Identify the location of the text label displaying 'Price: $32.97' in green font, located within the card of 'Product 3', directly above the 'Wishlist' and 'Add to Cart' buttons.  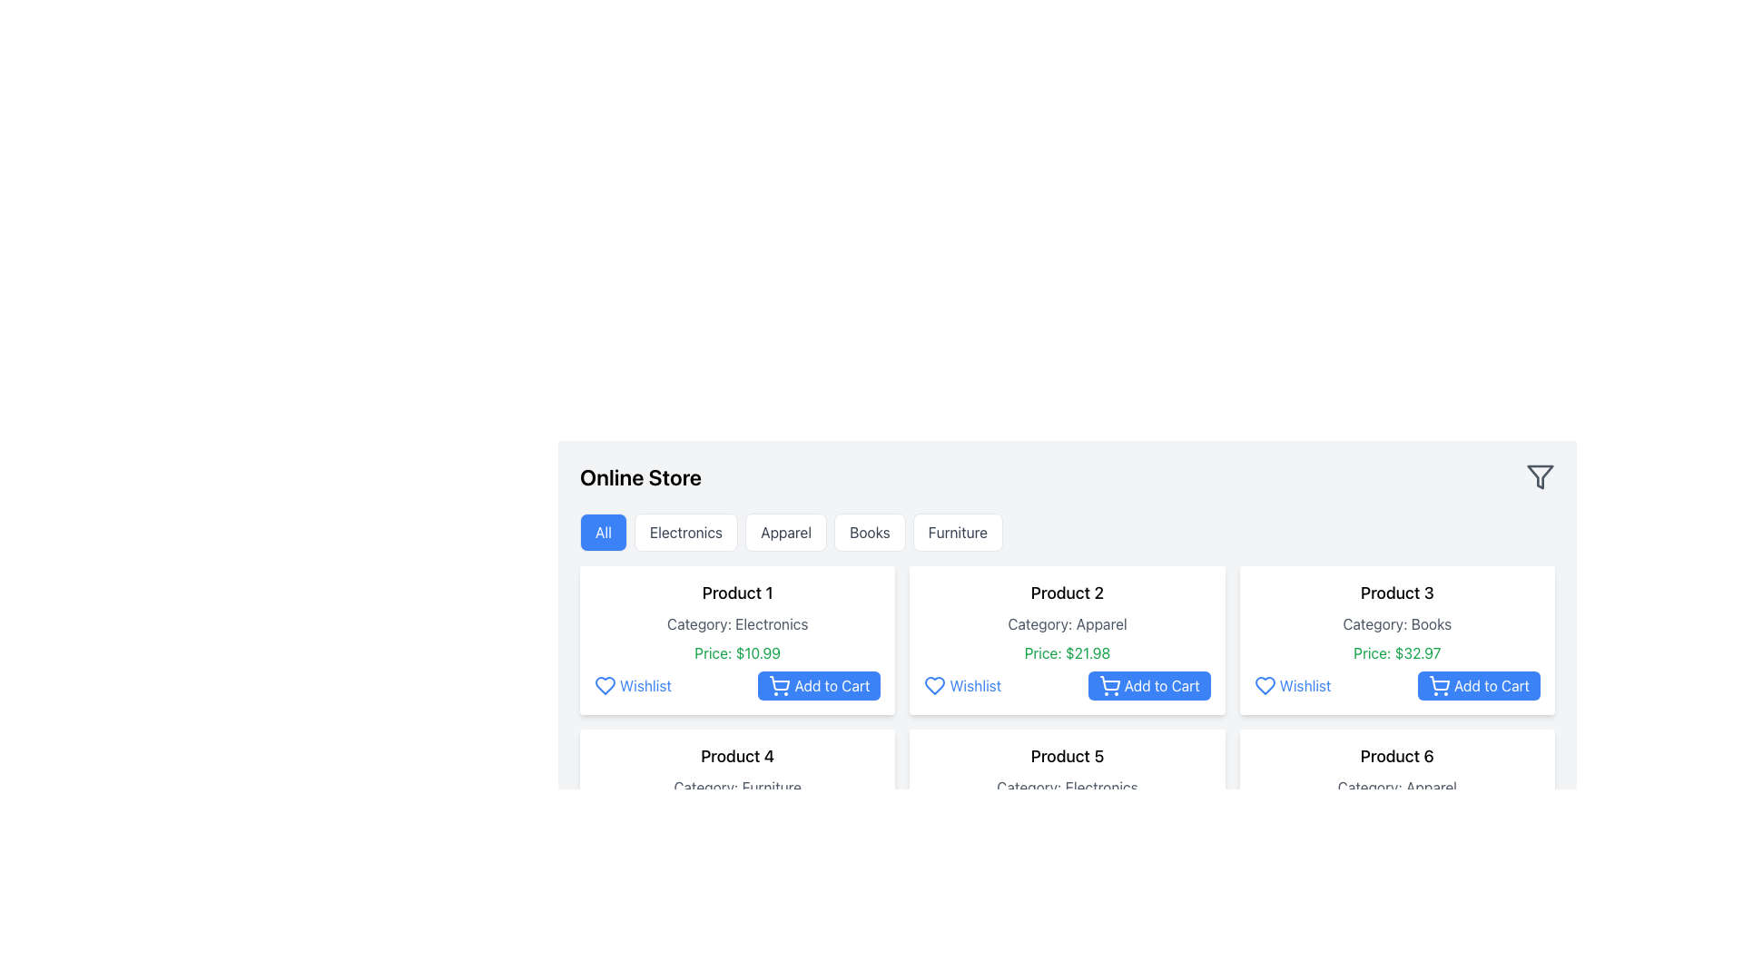
(1396, 653).